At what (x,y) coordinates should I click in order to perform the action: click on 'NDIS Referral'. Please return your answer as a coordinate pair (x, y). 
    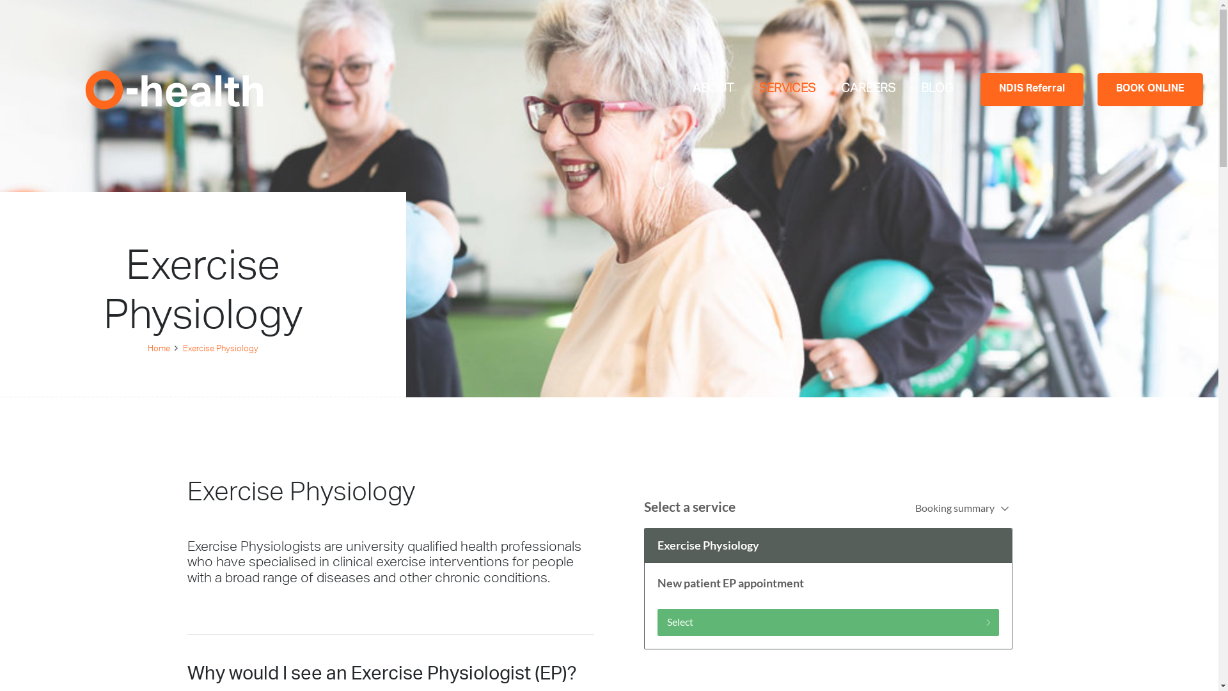
    Looking at the image, I should click on (1032, 88).